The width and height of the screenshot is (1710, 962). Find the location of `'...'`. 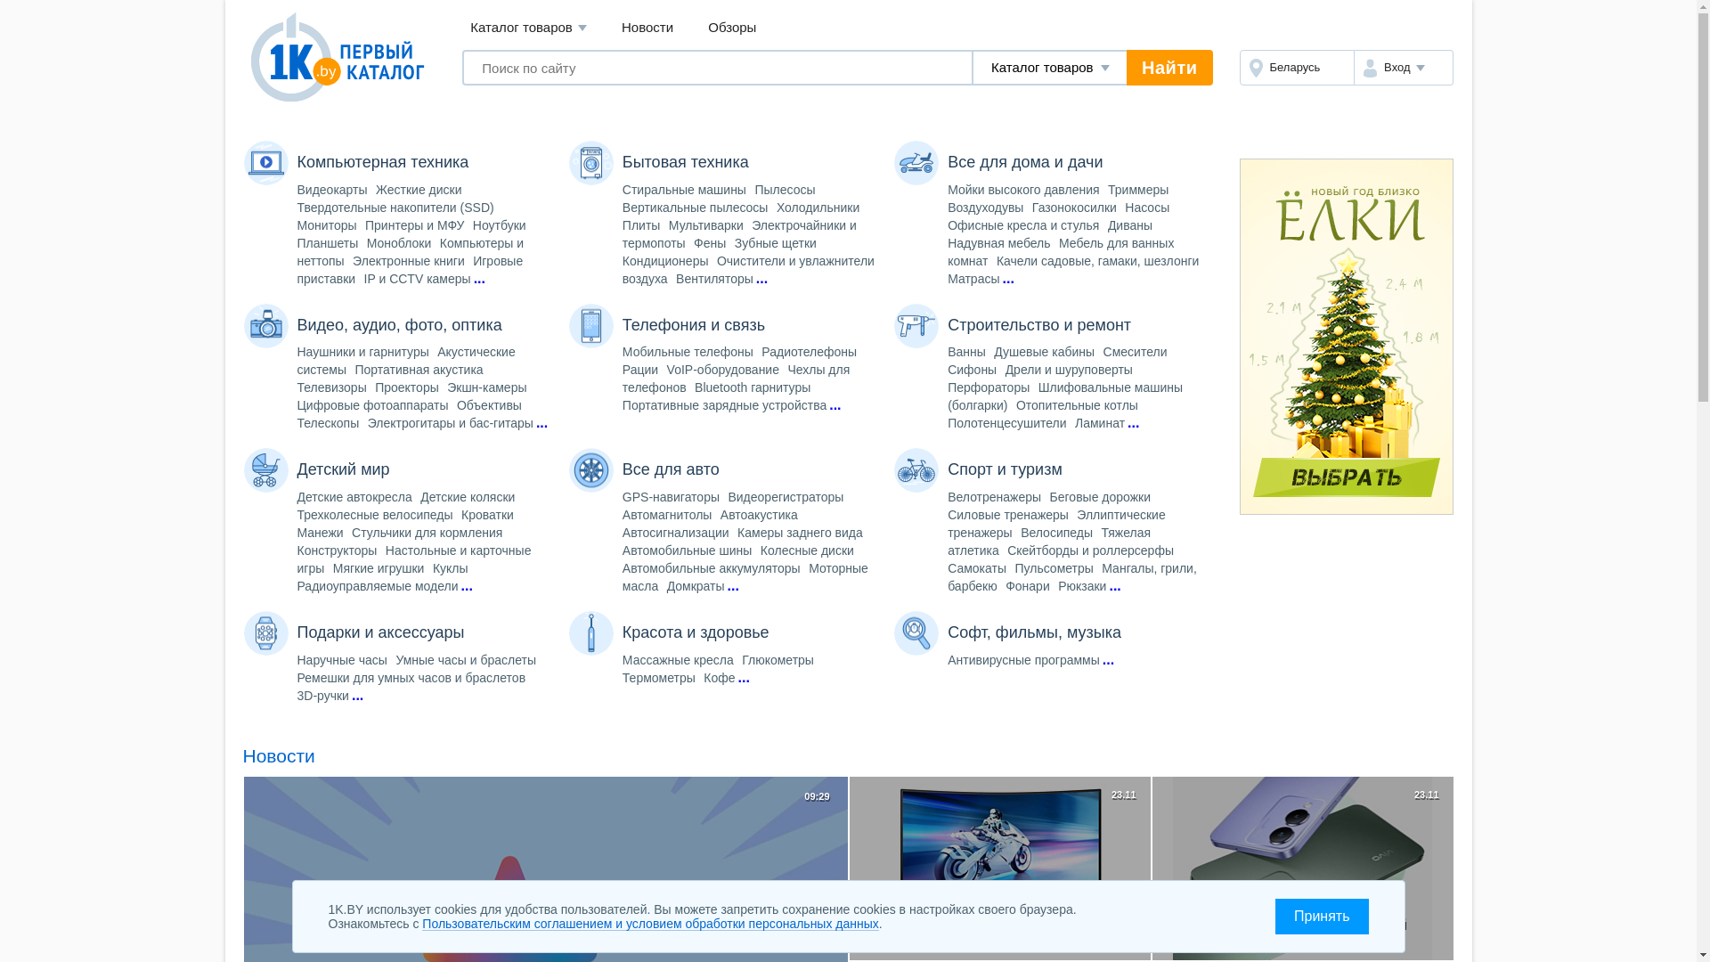

'...' is located at coordinates (1132, 422).